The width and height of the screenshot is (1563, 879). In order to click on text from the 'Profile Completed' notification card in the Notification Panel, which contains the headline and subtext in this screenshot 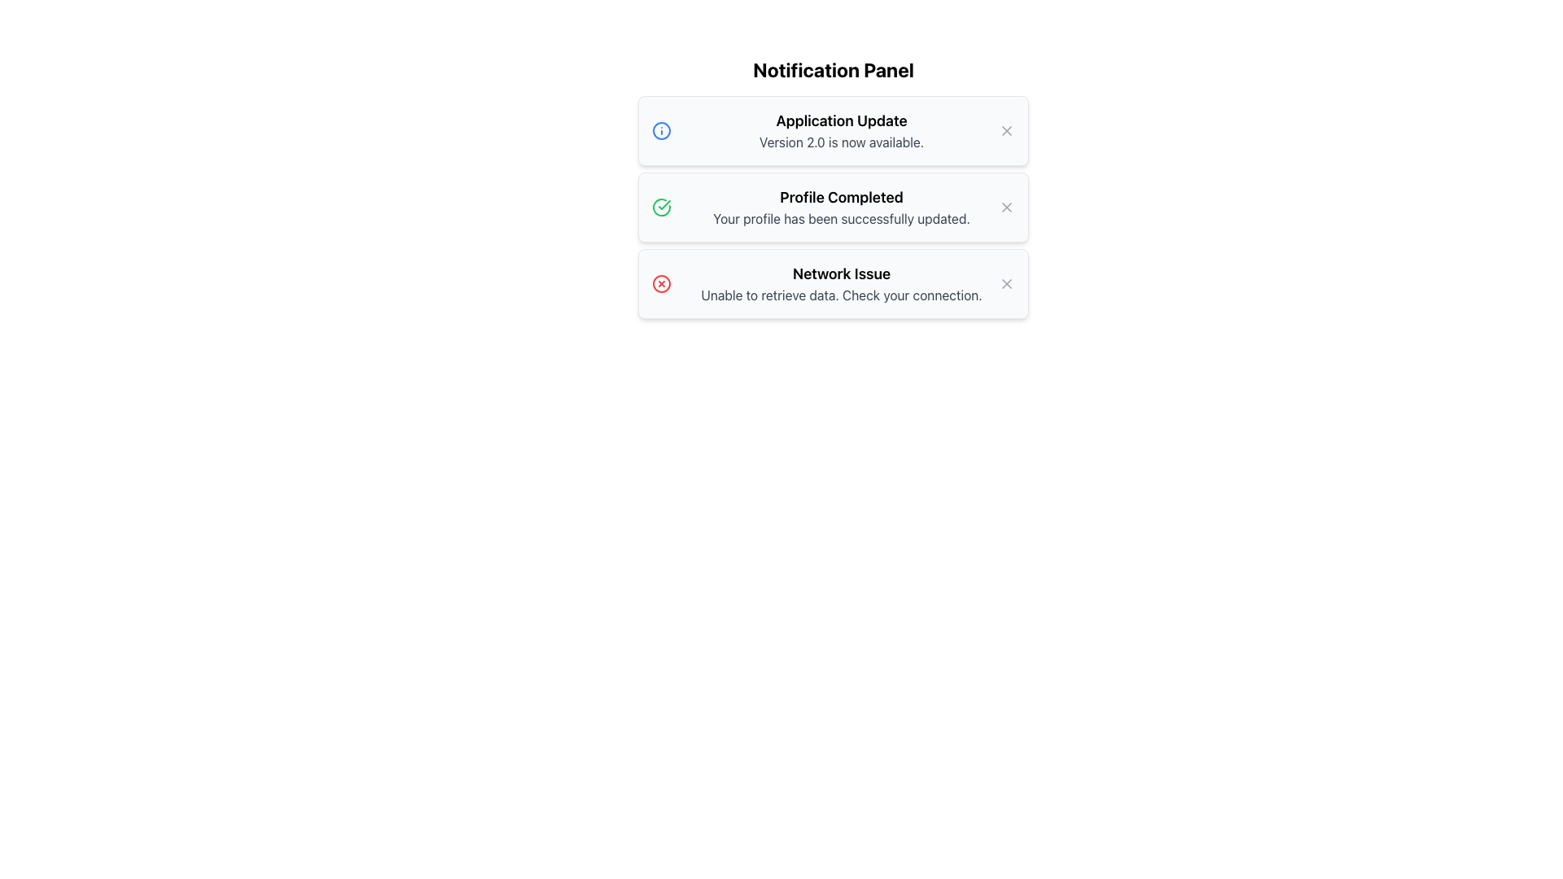, I will do `click(841, 206)`.